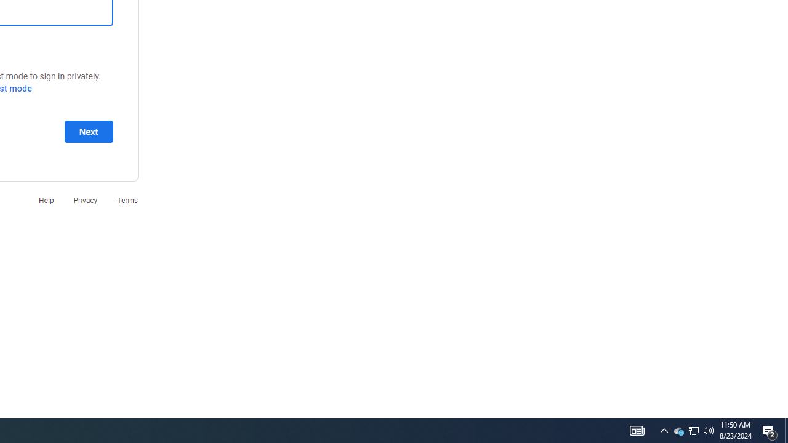 Image resolution: width=788 pixels, height=443 pixels. I want to click on 'Next', so click(88, 131).